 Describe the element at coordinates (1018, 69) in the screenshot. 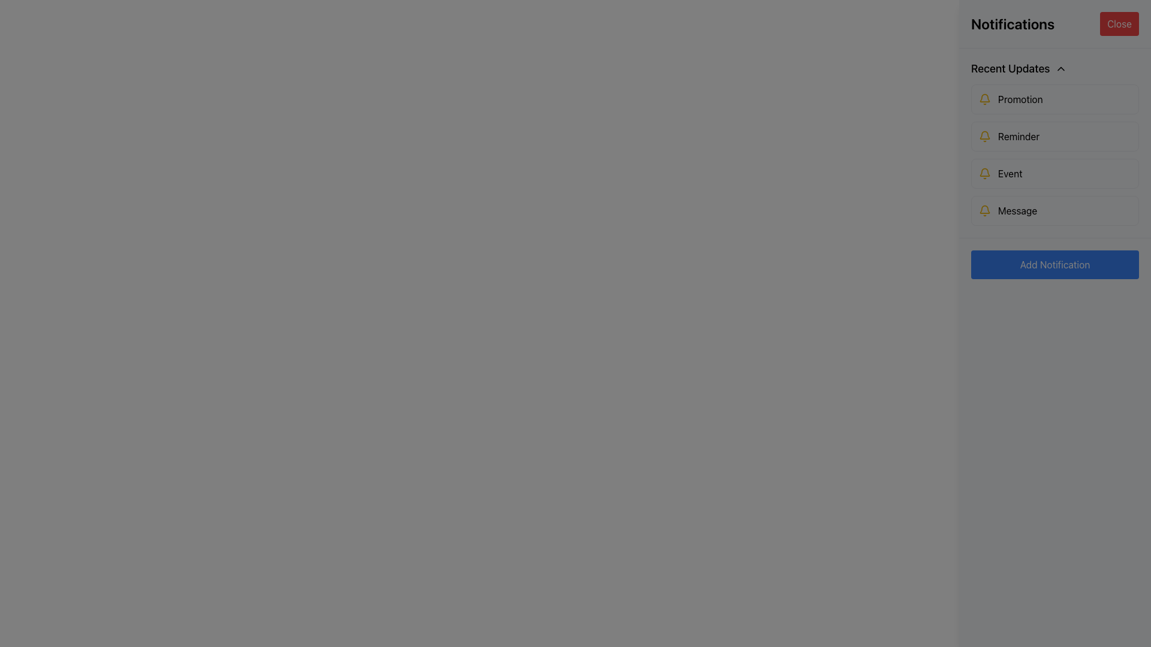

I see `the 'Recent Updates' Collapsible Header, which features bold text and an upward-pointing arrow icon` at that location.